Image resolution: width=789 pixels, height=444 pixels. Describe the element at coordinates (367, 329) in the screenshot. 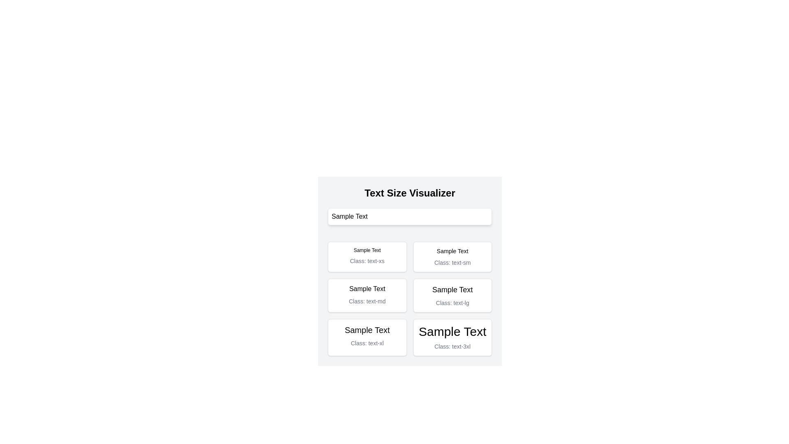

I see `text displayed as 'Sample Text' which is styled with bold, large characters, located in the bottom row, second from the left of a grid layout` at that location.